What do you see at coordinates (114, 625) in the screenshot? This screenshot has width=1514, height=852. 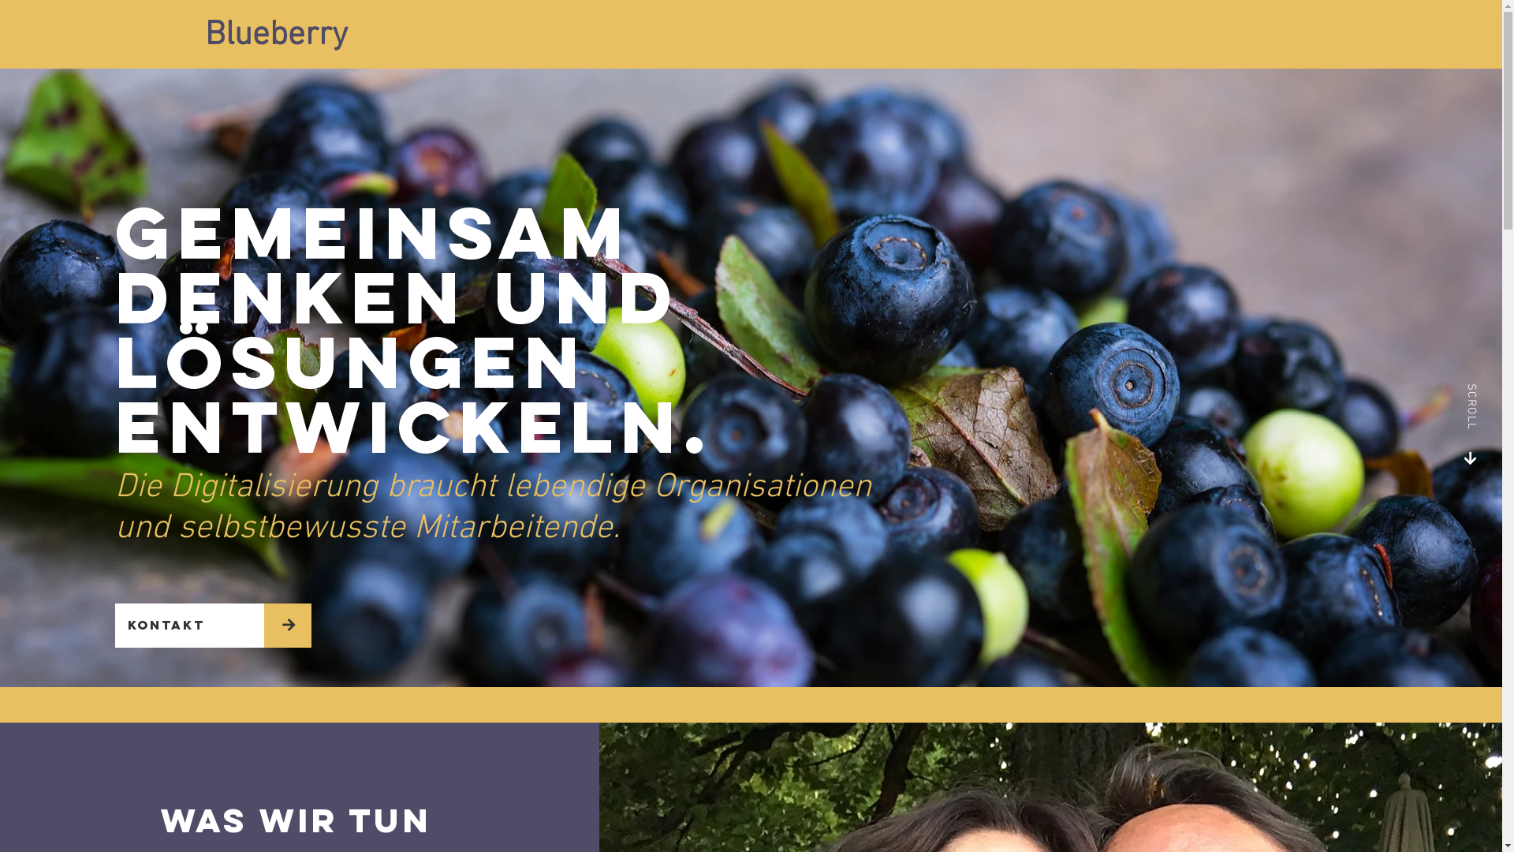 I see `'Kontakt'` at bounding box center [114, 625].